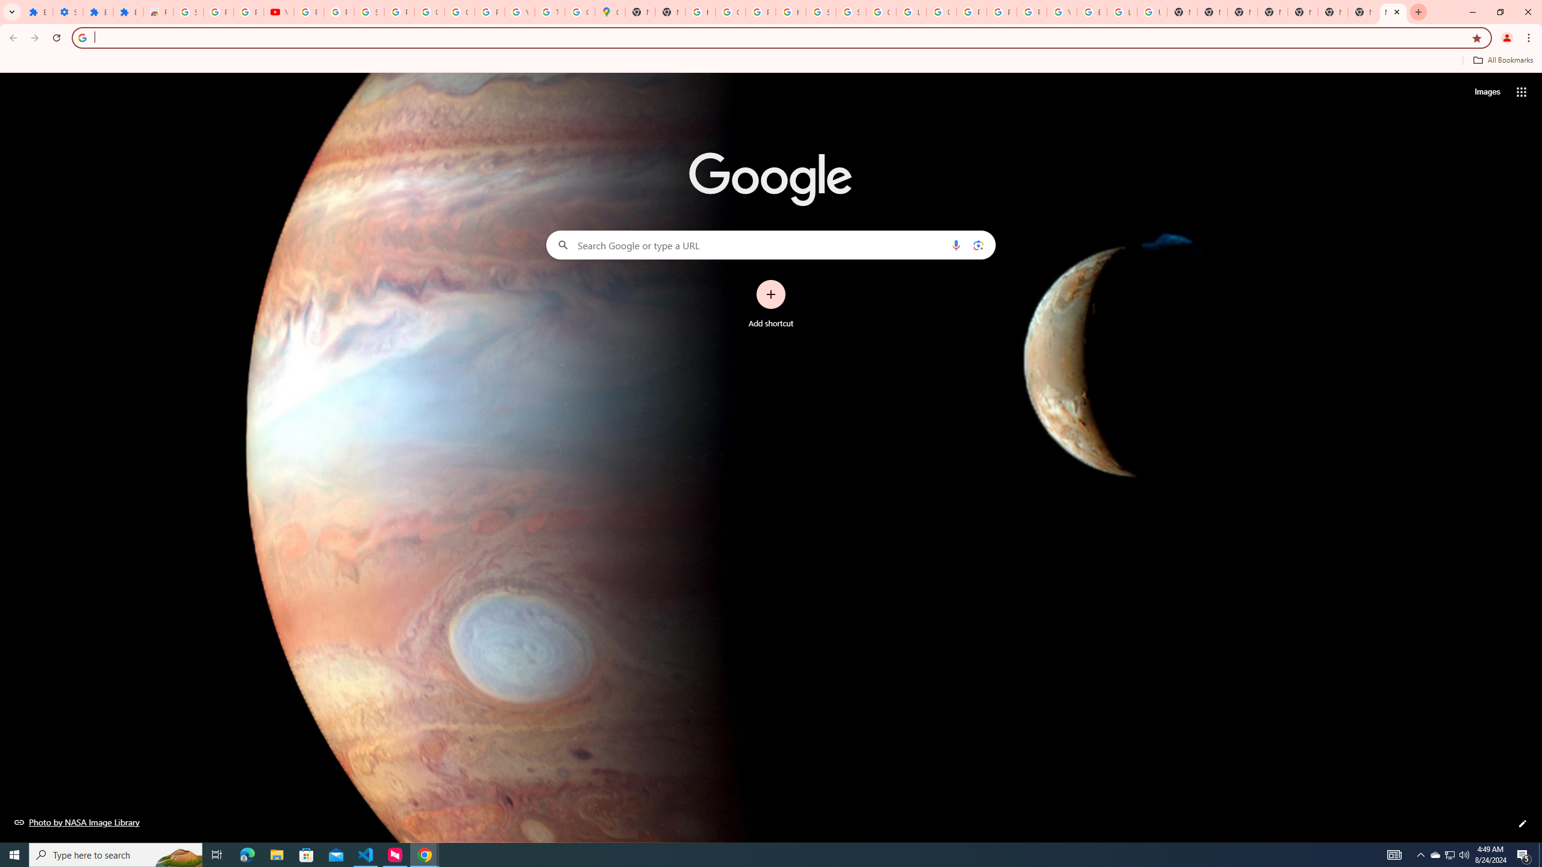 Image resolution: width=1542 pixels, height=867 pixels. I want to click on 'https://scholar.google.com/', so click(790, 11).